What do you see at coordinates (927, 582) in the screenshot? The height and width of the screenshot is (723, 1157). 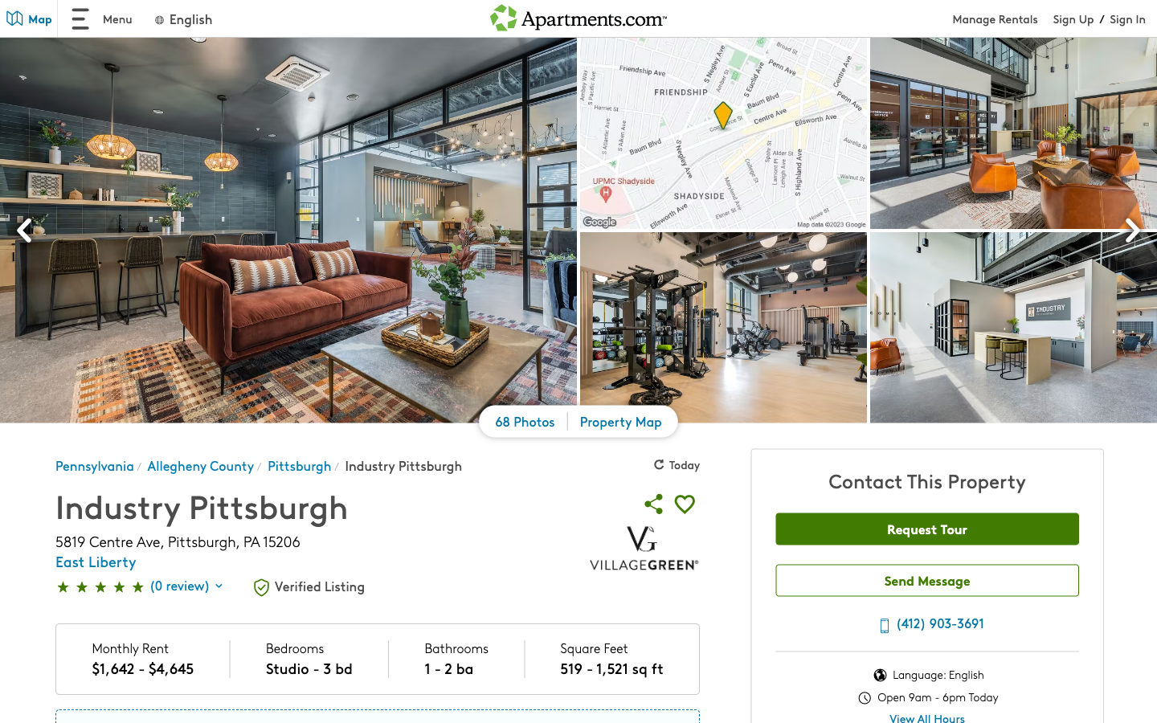 I see `Compose a message saying "hello" and press send` at bounding box center [927, 582].